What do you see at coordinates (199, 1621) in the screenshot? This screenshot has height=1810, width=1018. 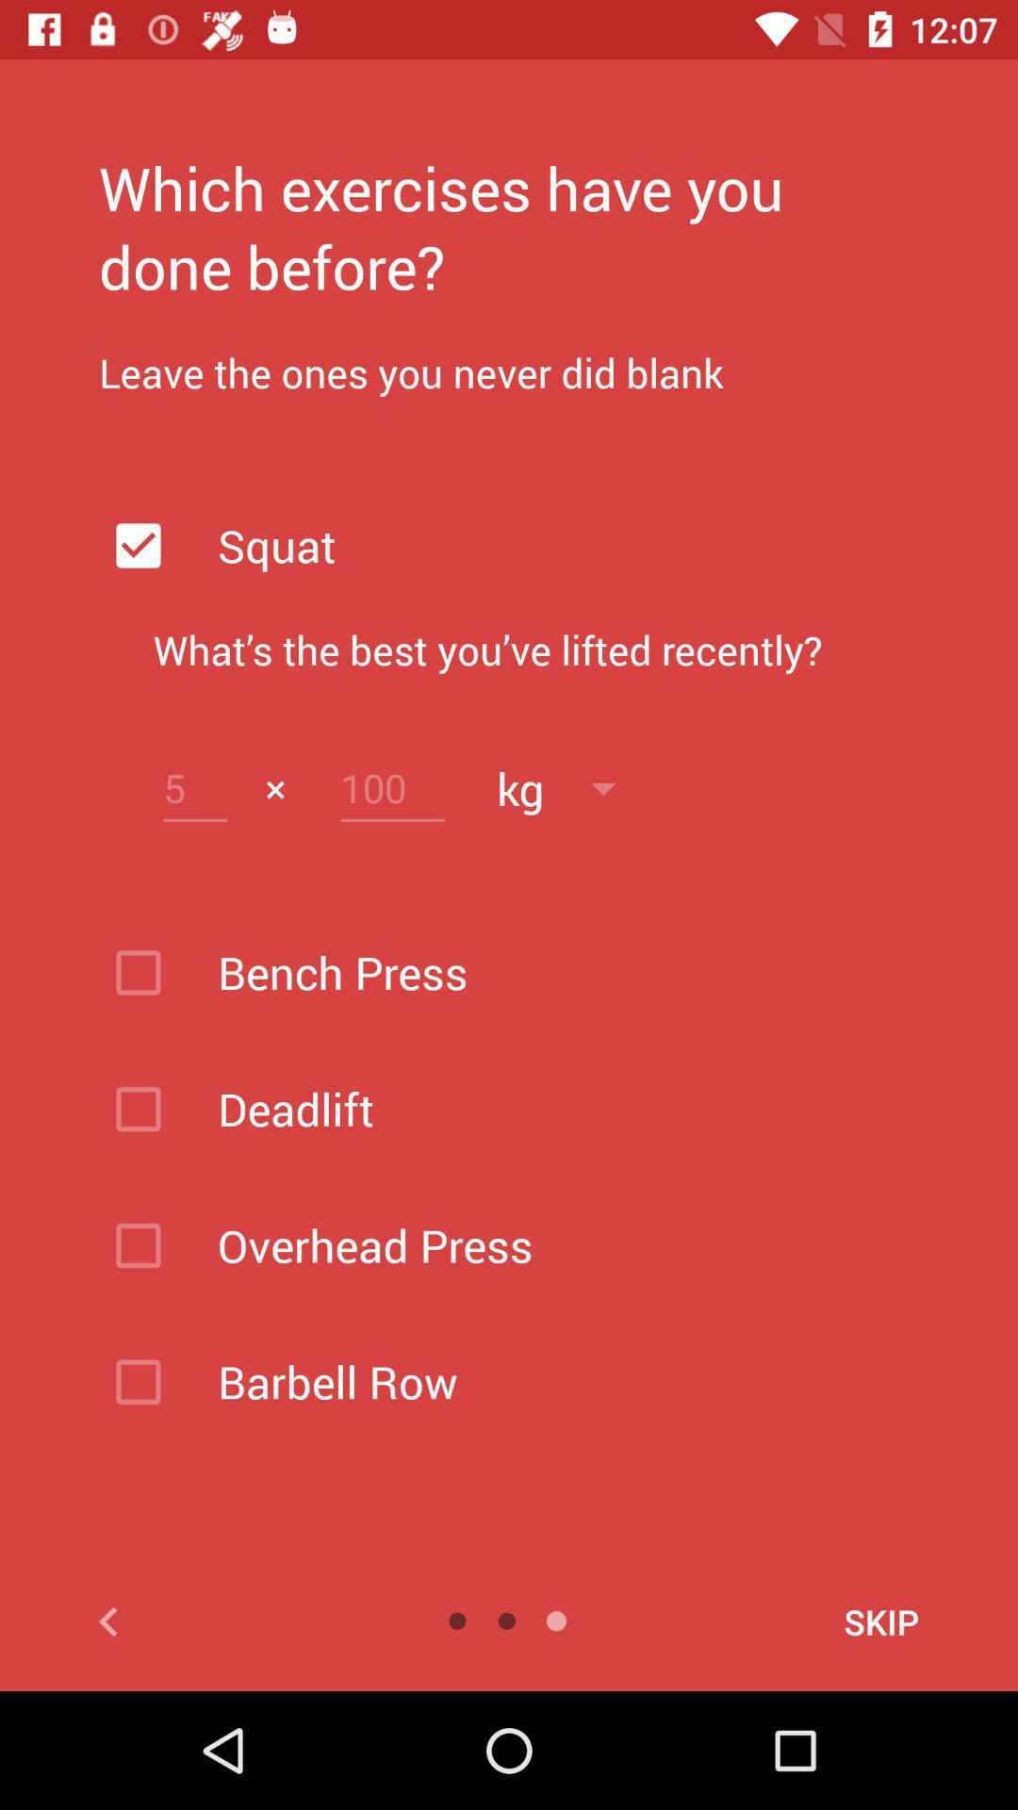 I see `go back` at bounding box center [199, 1621].